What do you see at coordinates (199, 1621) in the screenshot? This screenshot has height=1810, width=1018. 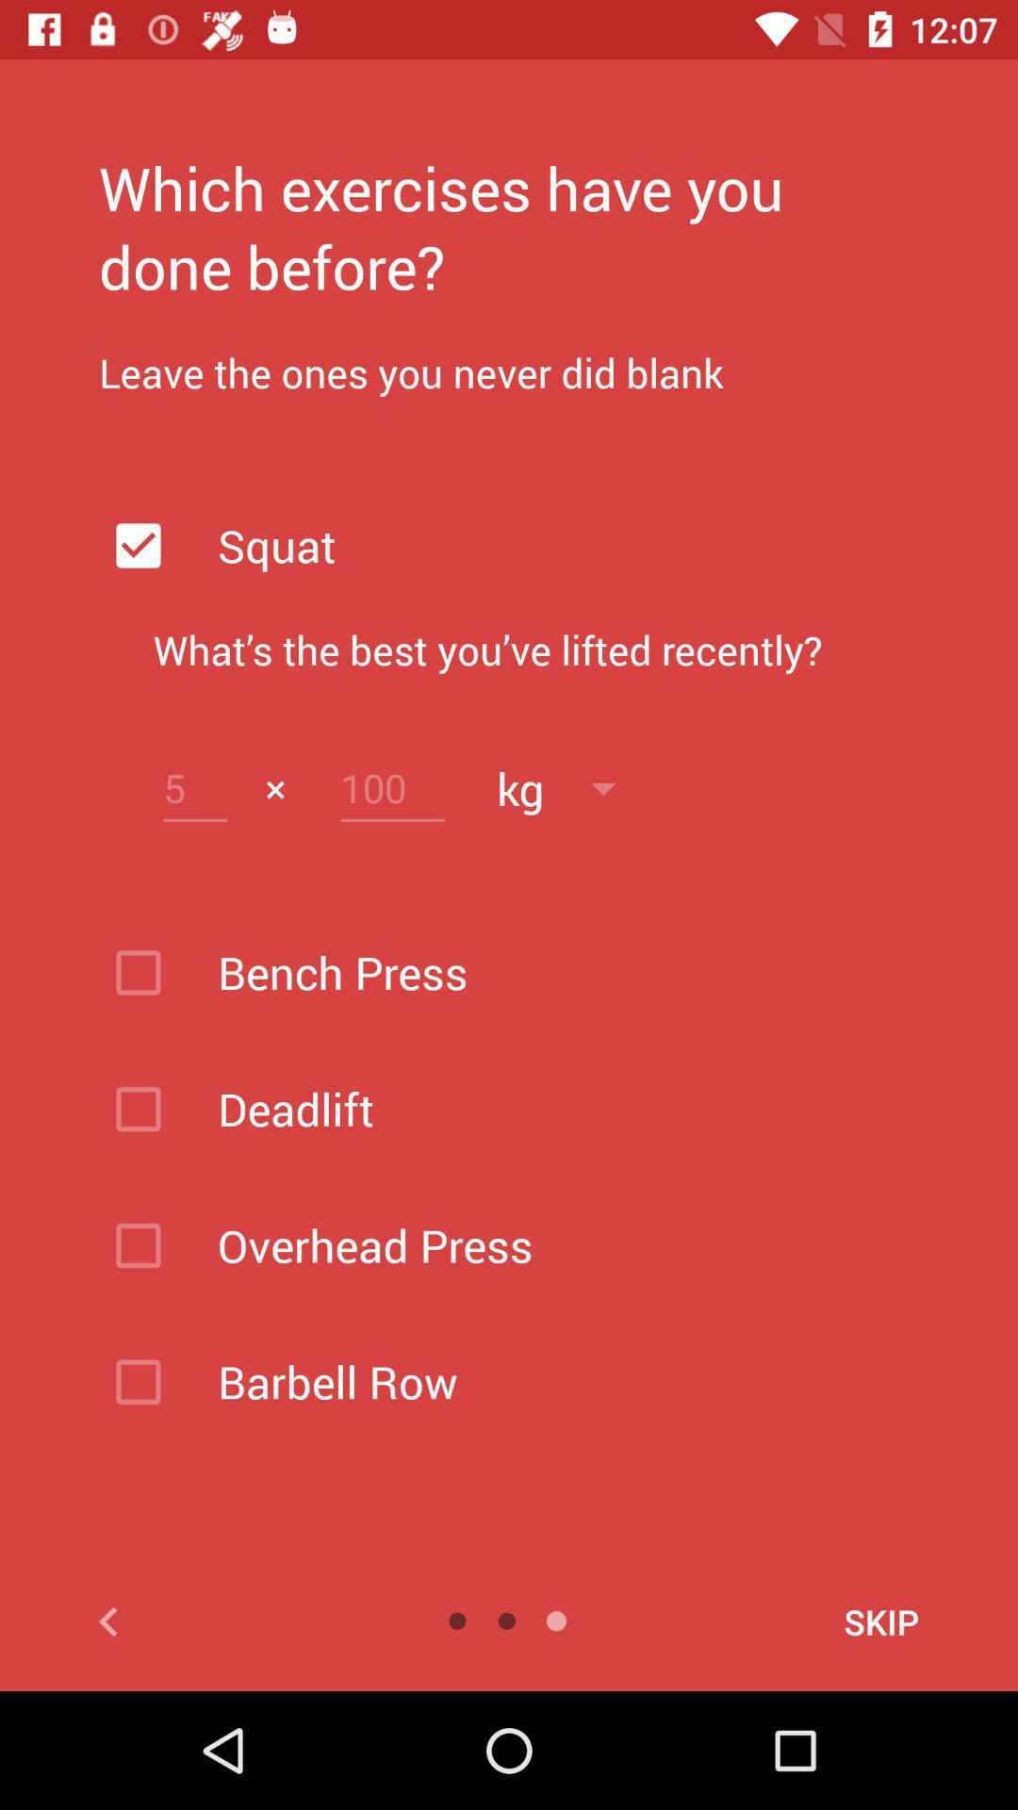 I see `go back` at bounding box center [199, 1621].